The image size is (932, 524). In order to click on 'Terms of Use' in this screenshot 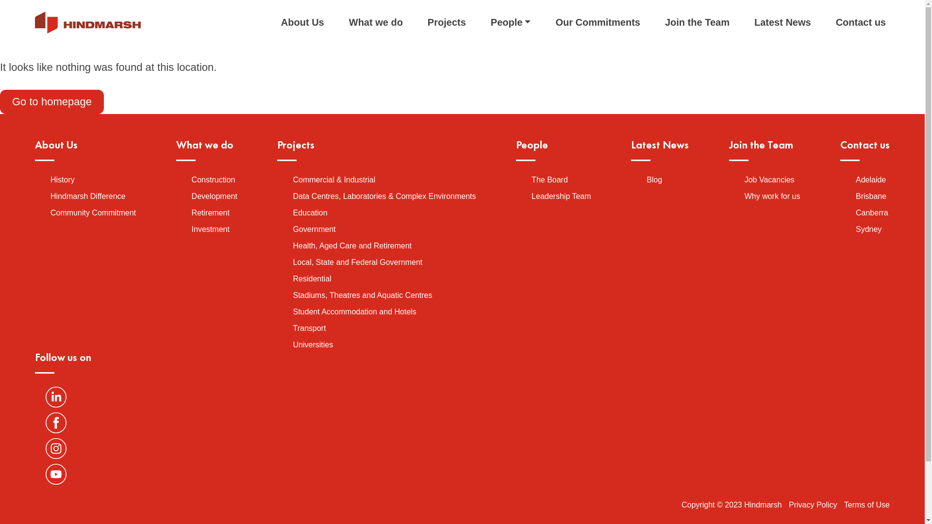, I will do `click(866, 504)`.